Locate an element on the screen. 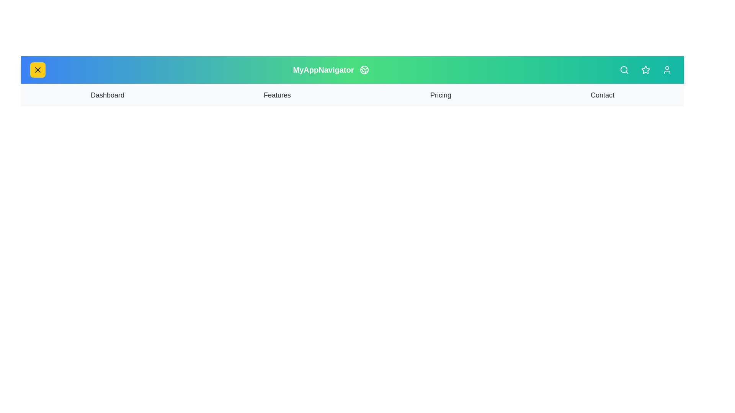 Image resolution: width=735 pixels, height=413 pixels. the navigation link labeled Pricing is located at coordinates (441, 95).